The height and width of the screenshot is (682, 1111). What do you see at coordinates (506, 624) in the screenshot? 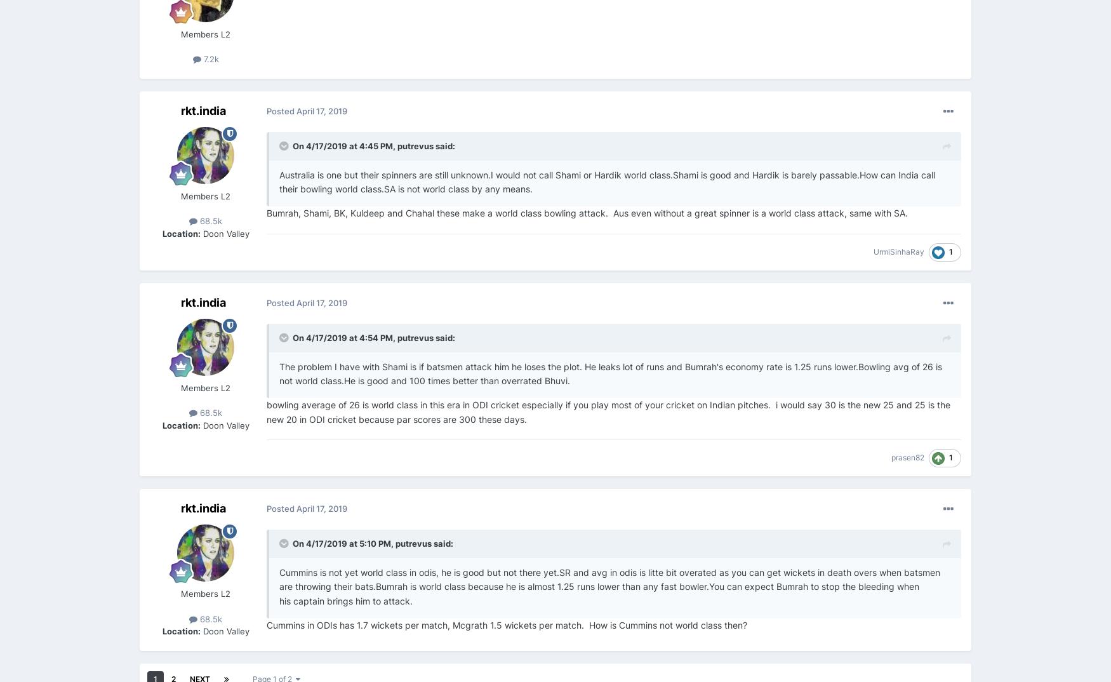
I see `'Cummins in ODIs has 1.7 wickets per match, Mcgrath 1.5 wickets per match.  How is Cummins not world class then?'` at bounding box center [506, 624].